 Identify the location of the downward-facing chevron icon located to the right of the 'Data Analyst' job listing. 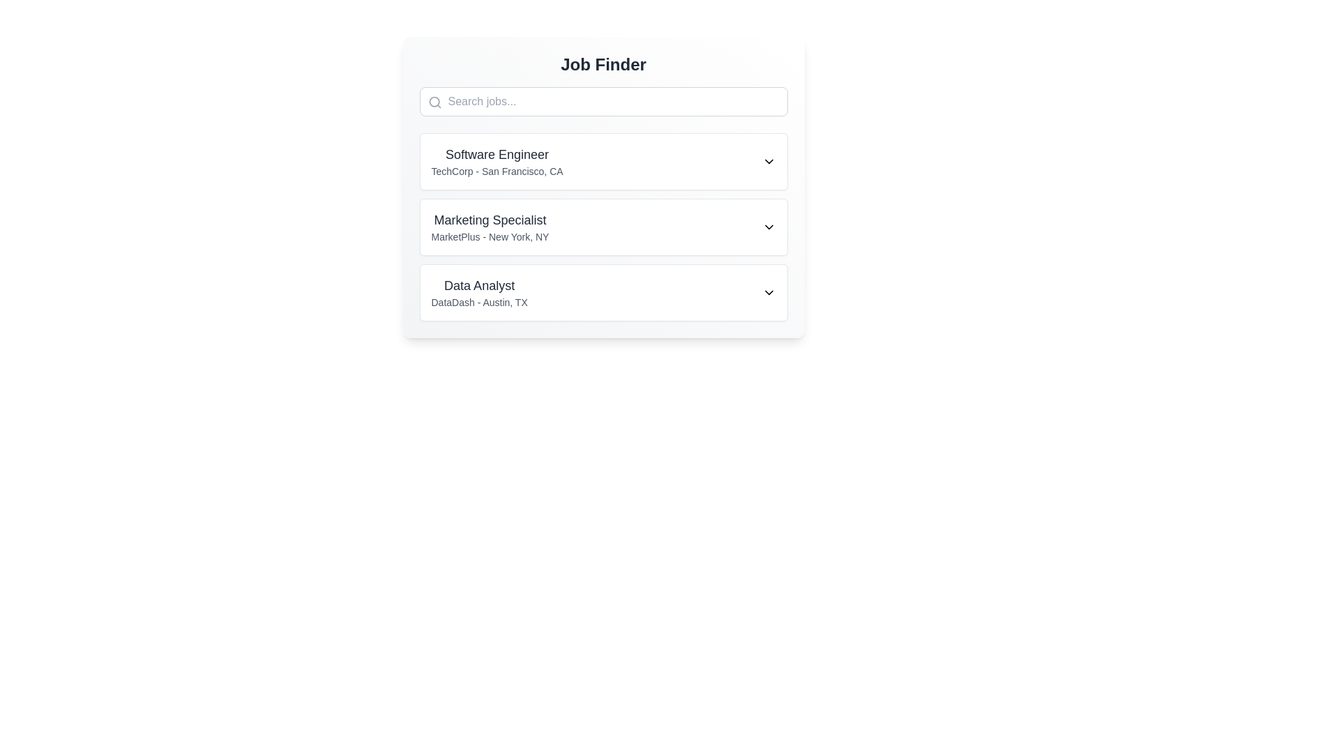
(768, 292).